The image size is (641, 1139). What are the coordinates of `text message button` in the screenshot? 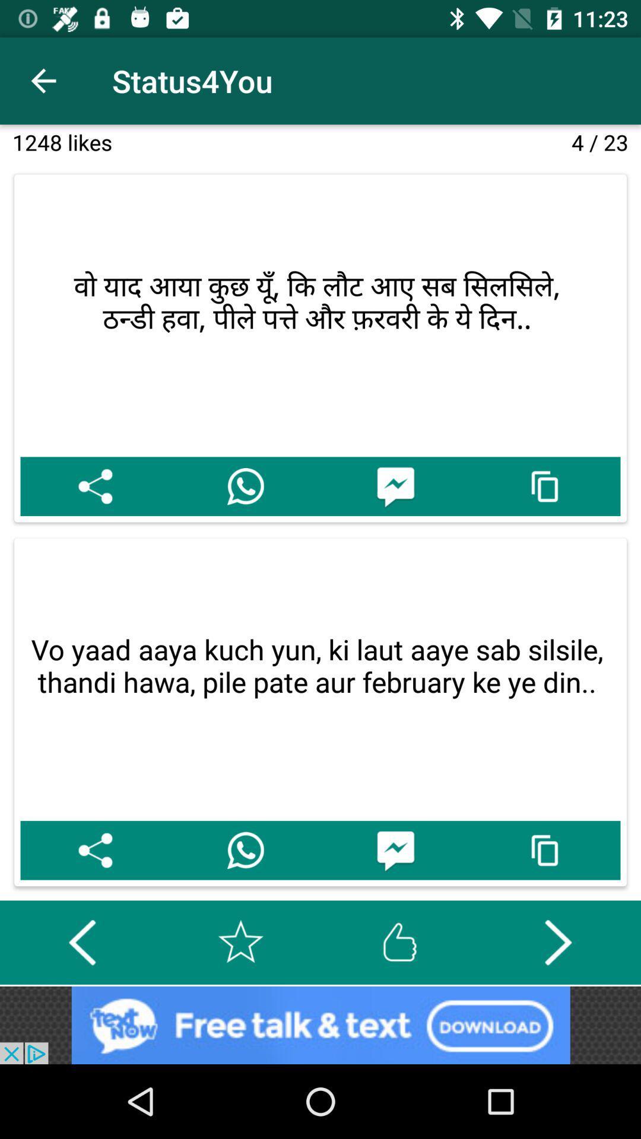 It's located at (395, 486).